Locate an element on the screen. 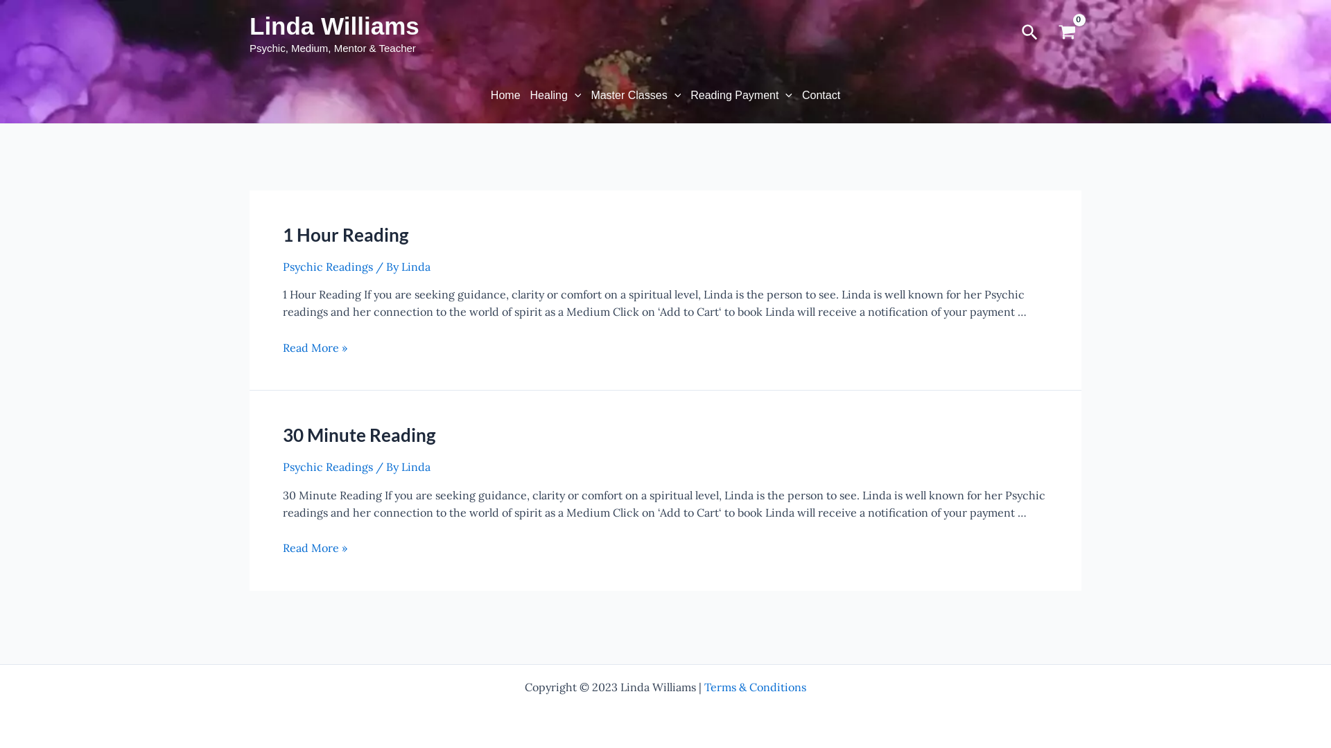 Image resolution: width=1331 pixels, height=748 pixels. 'Linda' is located at coordinates (415, 267).